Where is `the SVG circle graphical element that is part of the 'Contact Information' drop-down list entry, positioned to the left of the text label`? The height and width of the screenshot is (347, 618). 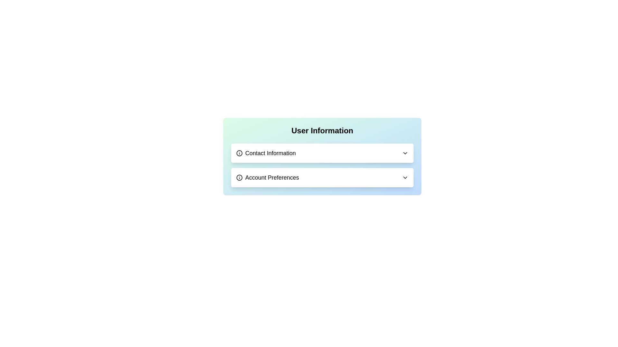
the SVG circle graphical element that is part of the 'Contact Information' drop-down list entry, positioned to the left of the text label is located at coordinates (239, 177).